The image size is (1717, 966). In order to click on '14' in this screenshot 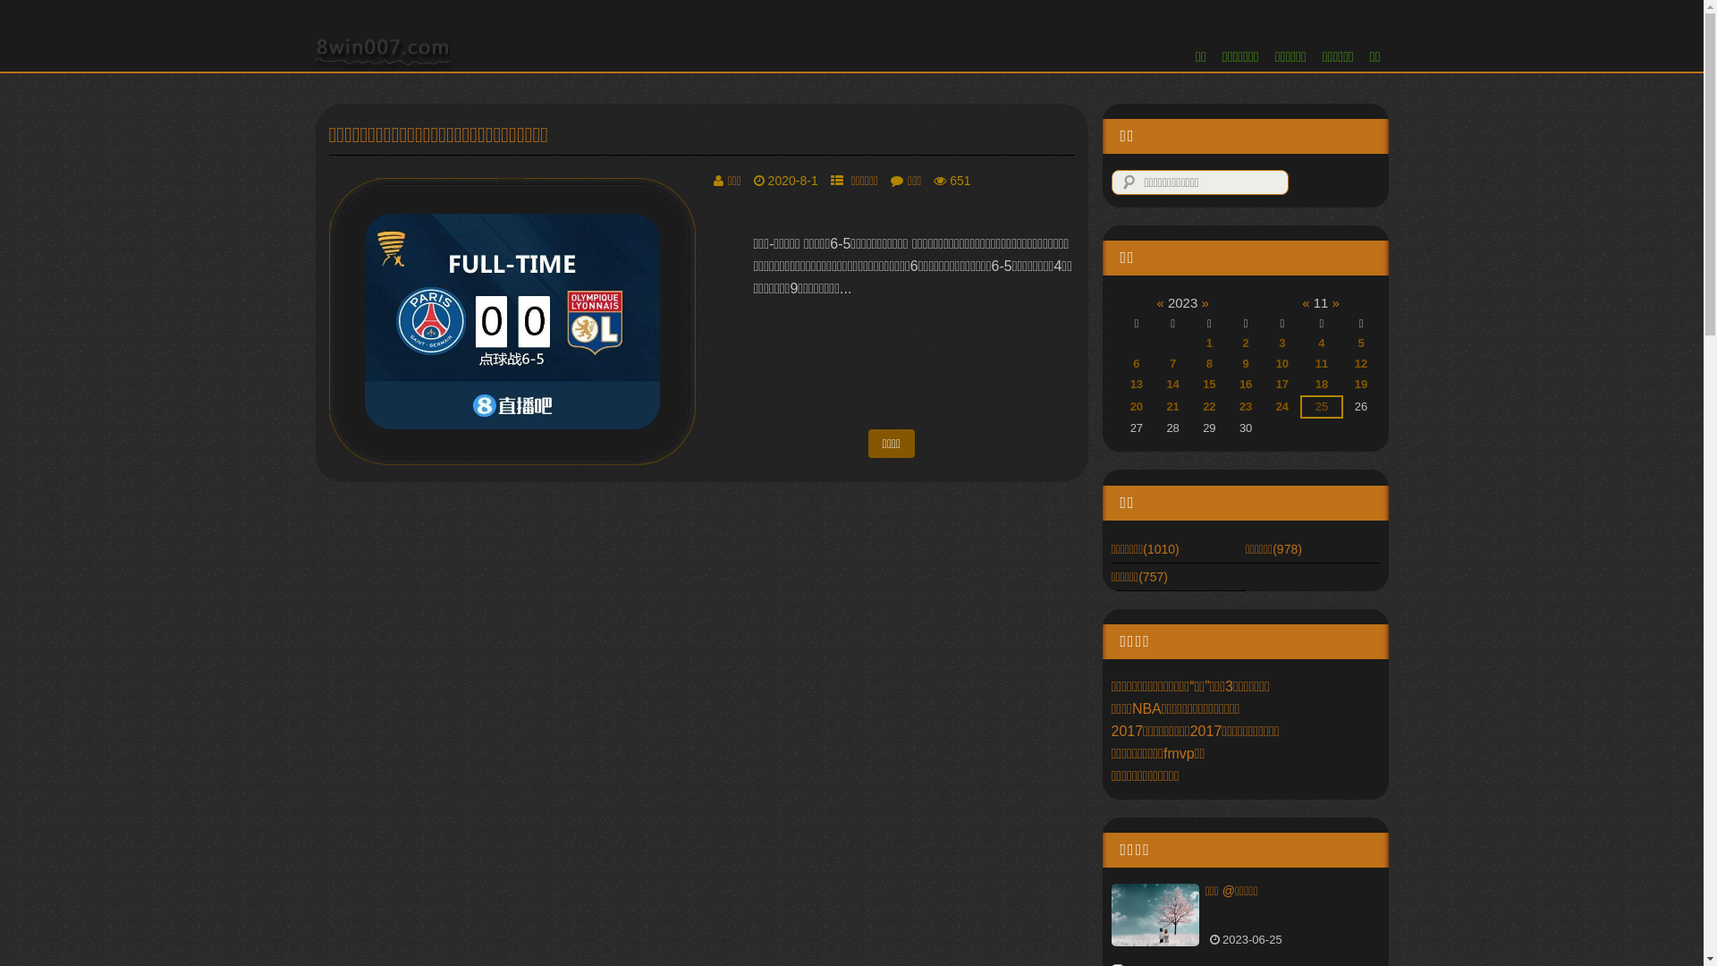, I will do `click(1171, 383)`.